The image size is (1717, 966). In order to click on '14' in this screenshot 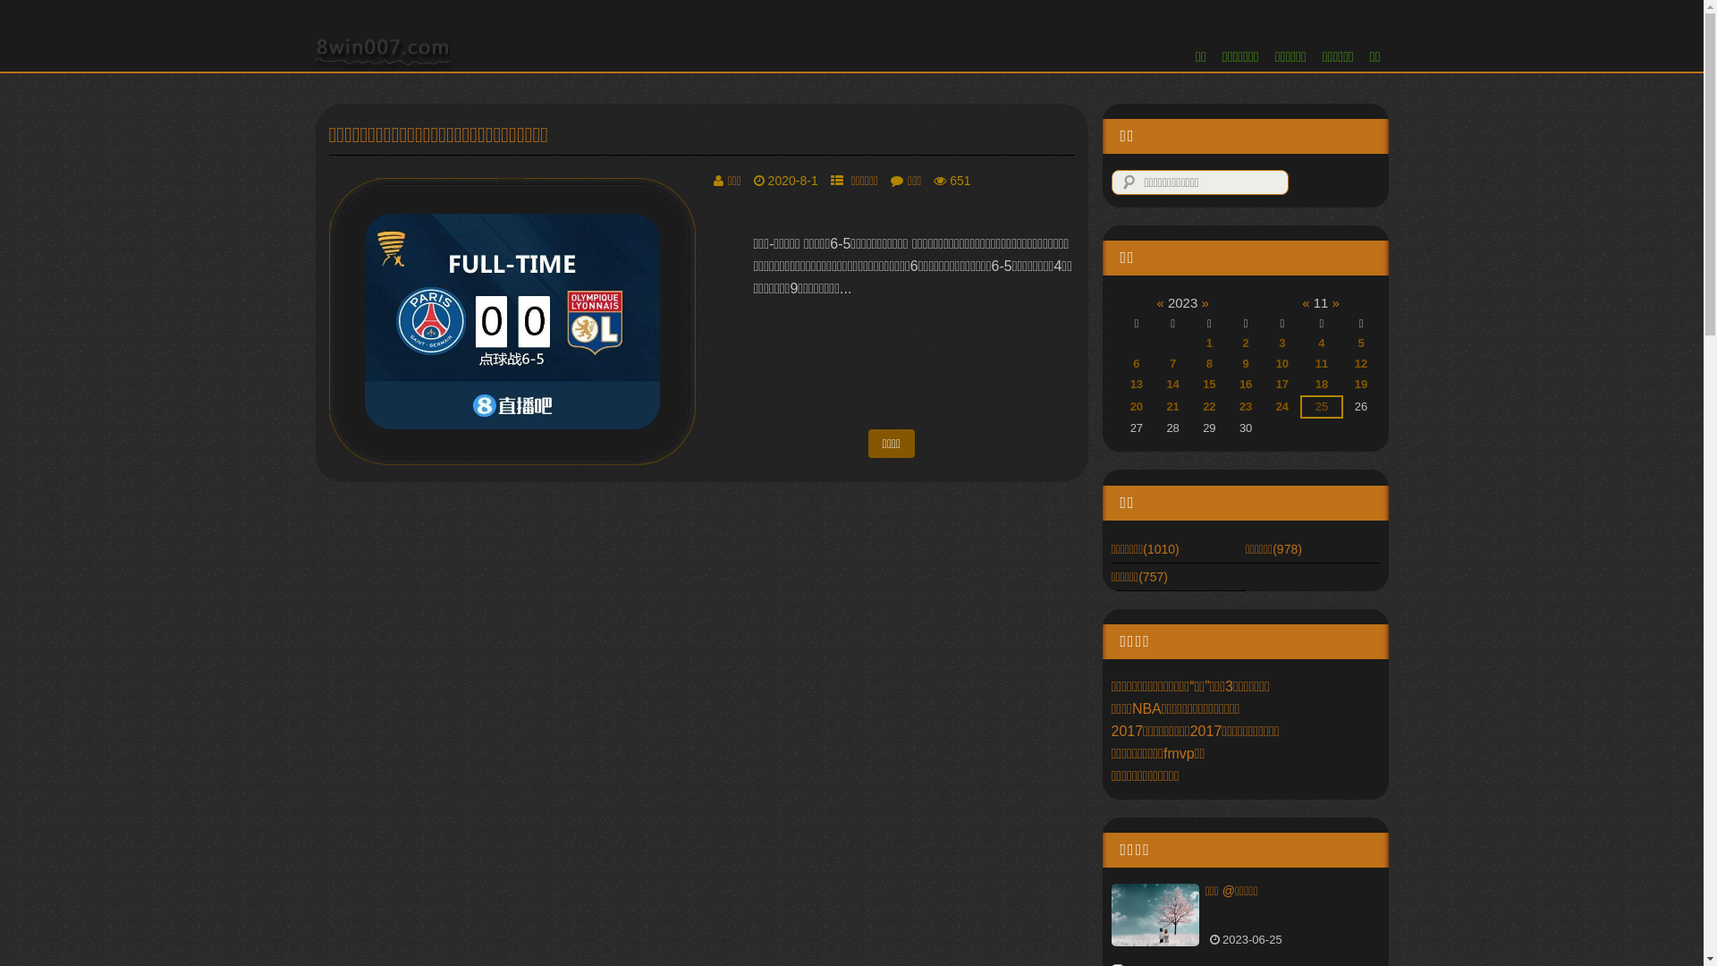, I will do `click(1171, 383)`.